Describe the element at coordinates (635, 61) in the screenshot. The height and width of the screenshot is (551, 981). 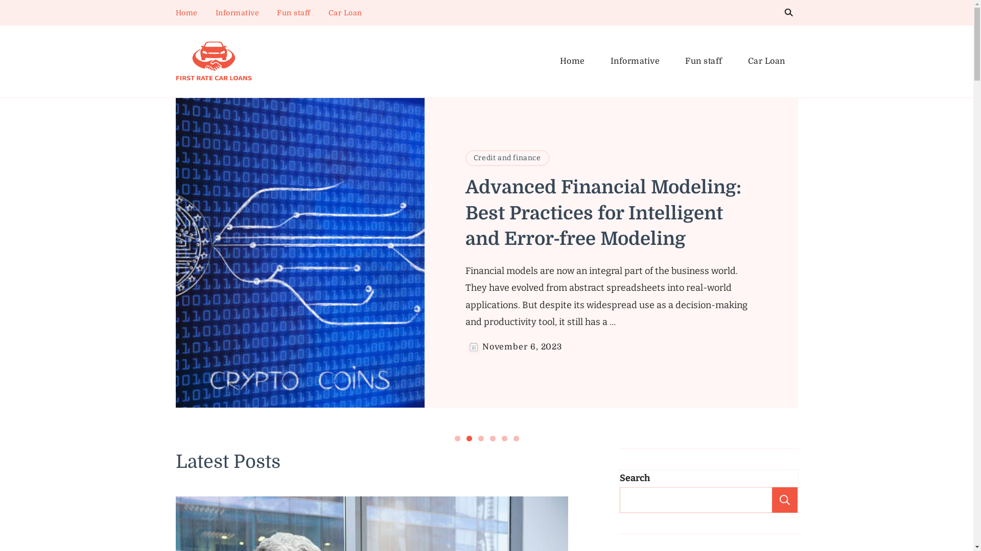
I see `'Informative'` at that location.